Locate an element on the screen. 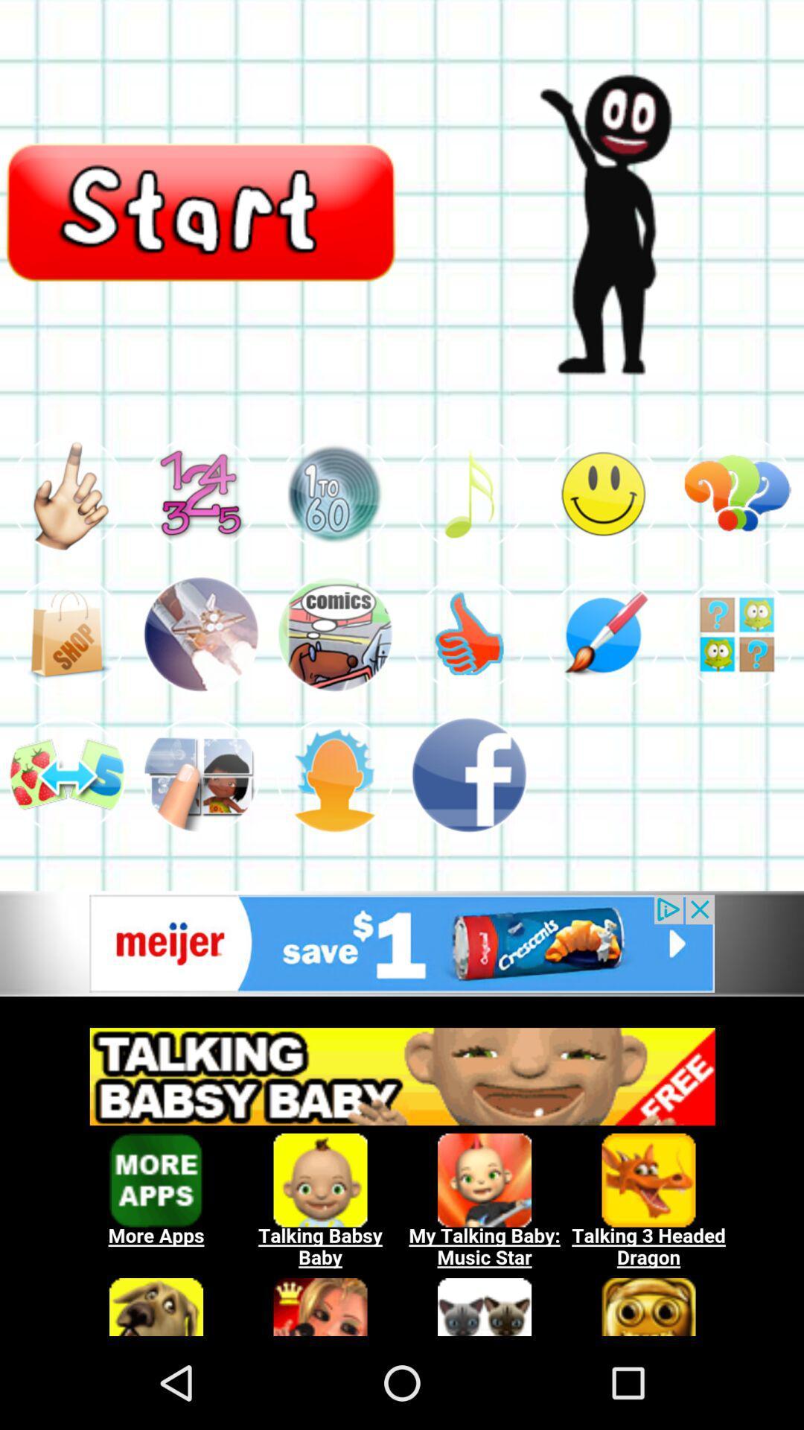 The height and width of the screenshot is (1430, 804). advertisement banner is located at coordinates (402, 1173).